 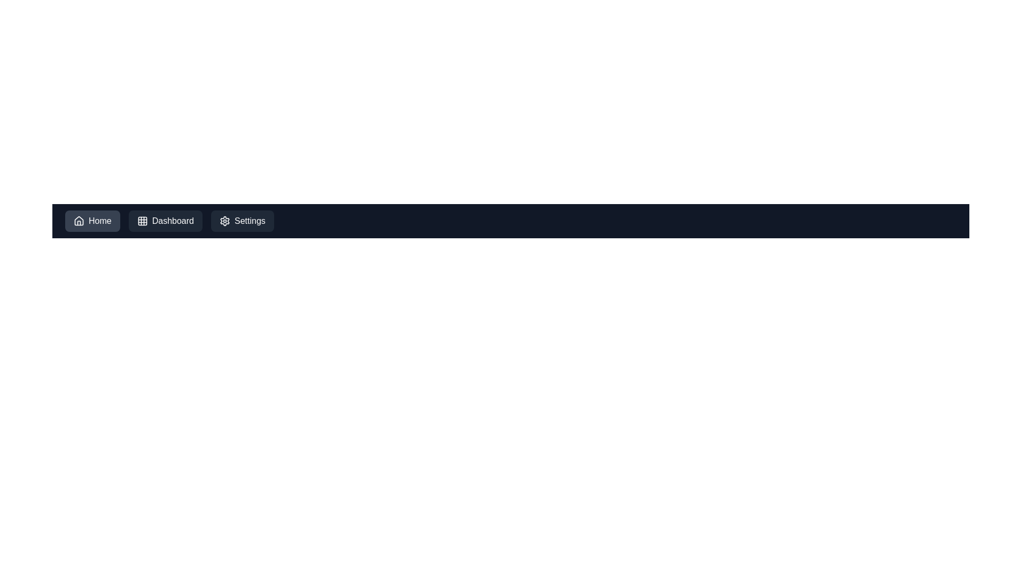 What do you see at coordinates (79, 220) in the screenshot?
I see `the house icon located at the top-left of the navigation bar, which is visually represented as a triangular roof atop a rectangular base, corresponding to the button labeled 'Home'` at bounding box center [79, 220].